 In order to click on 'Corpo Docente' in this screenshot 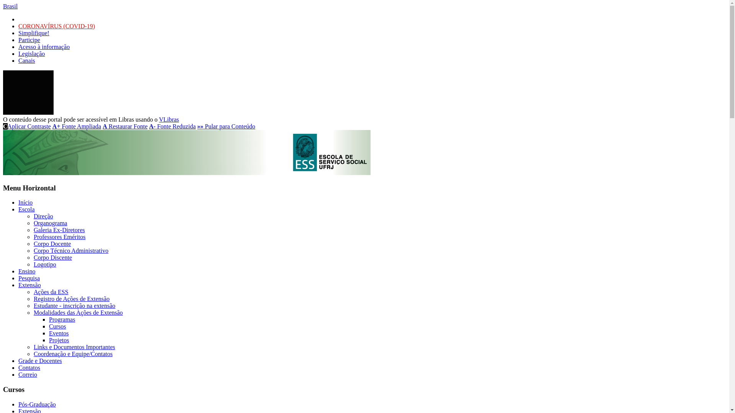, I will do `click(33, 244)`.